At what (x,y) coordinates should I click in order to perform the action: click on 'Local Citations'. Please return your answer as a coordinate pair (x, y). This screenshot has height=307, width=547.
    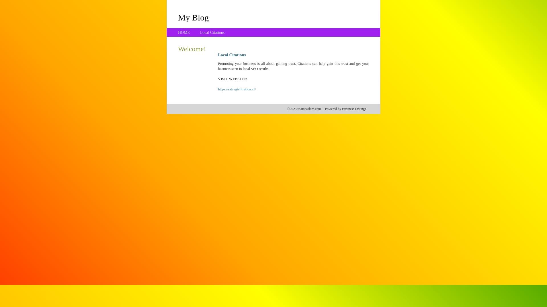
    Looking at the image, I should click on (212, 32).